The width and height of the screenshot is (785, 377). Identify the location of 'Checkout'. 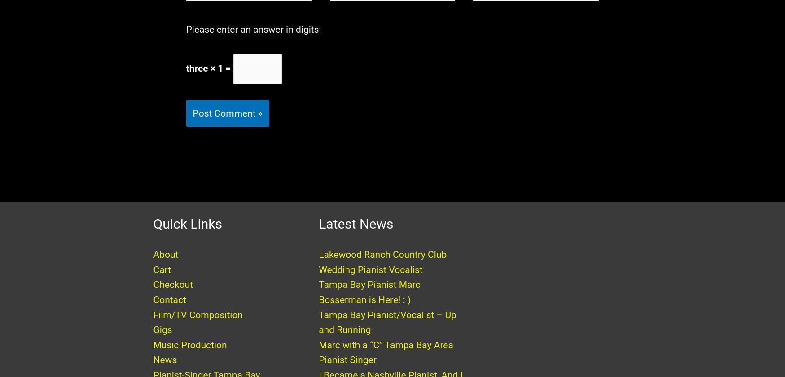
(172, 293).